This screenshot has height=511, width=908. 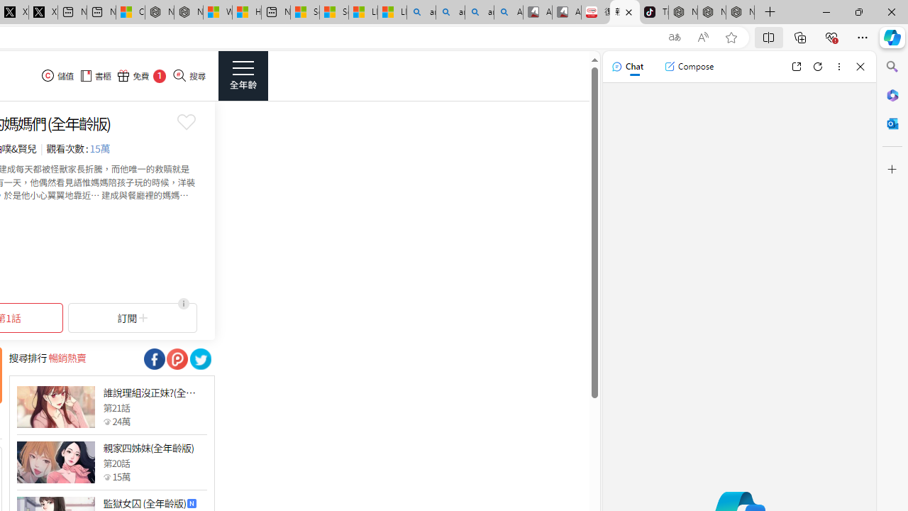 I want to click on 'Chat', so click(x=626, y=66).